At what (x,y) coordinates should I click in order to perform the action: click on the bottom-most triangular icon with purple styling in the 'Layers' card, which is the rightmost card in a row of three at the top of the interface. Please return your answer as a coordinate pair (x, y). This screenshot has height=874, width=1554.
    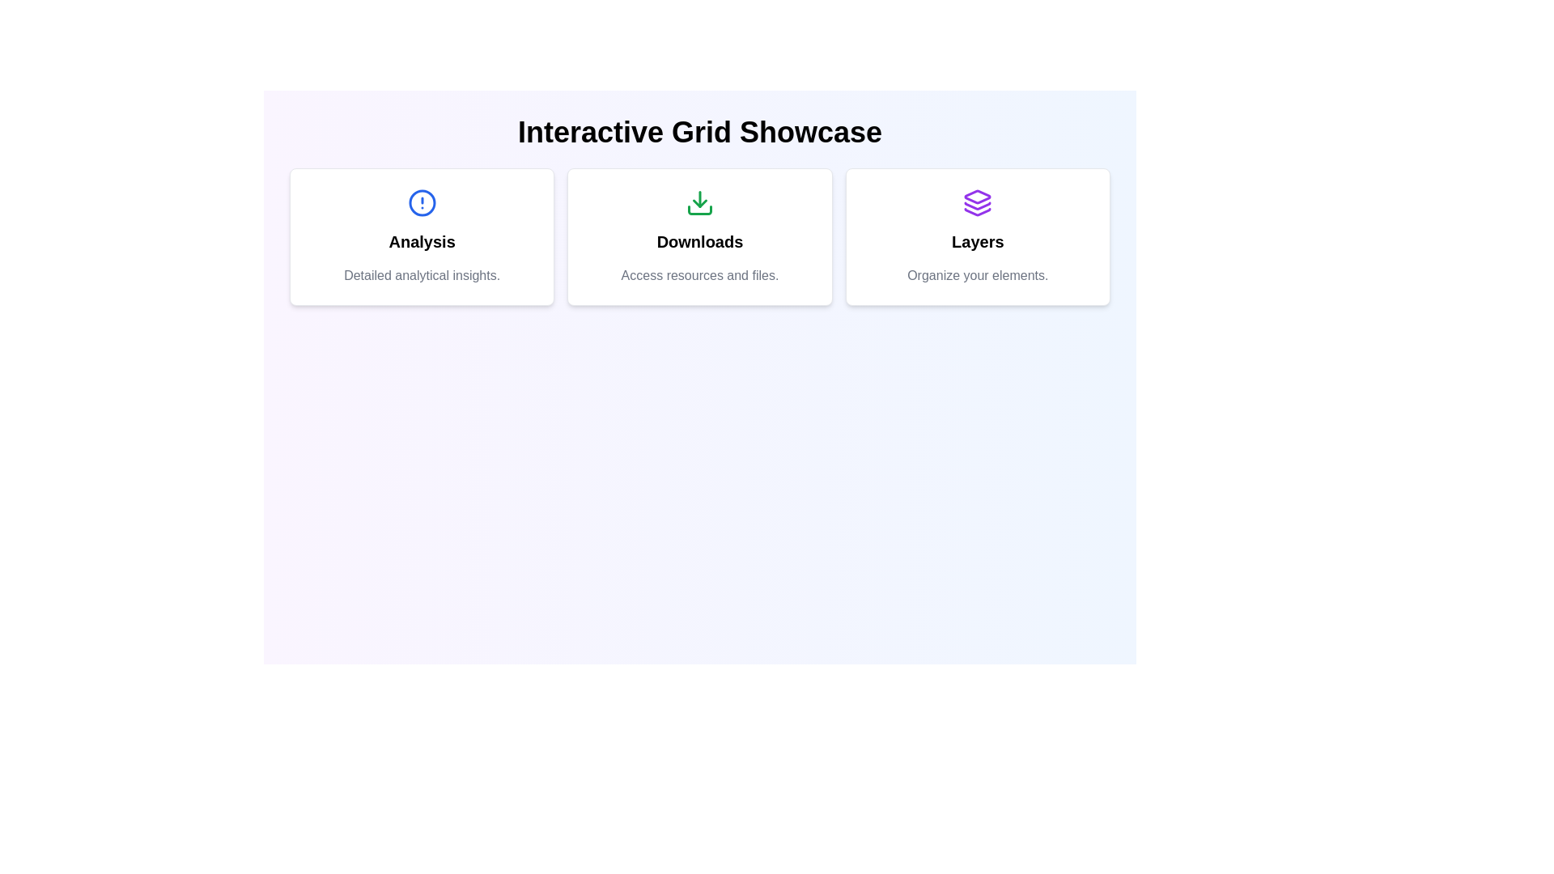
    Looking at the image, I should click on (977, 211).